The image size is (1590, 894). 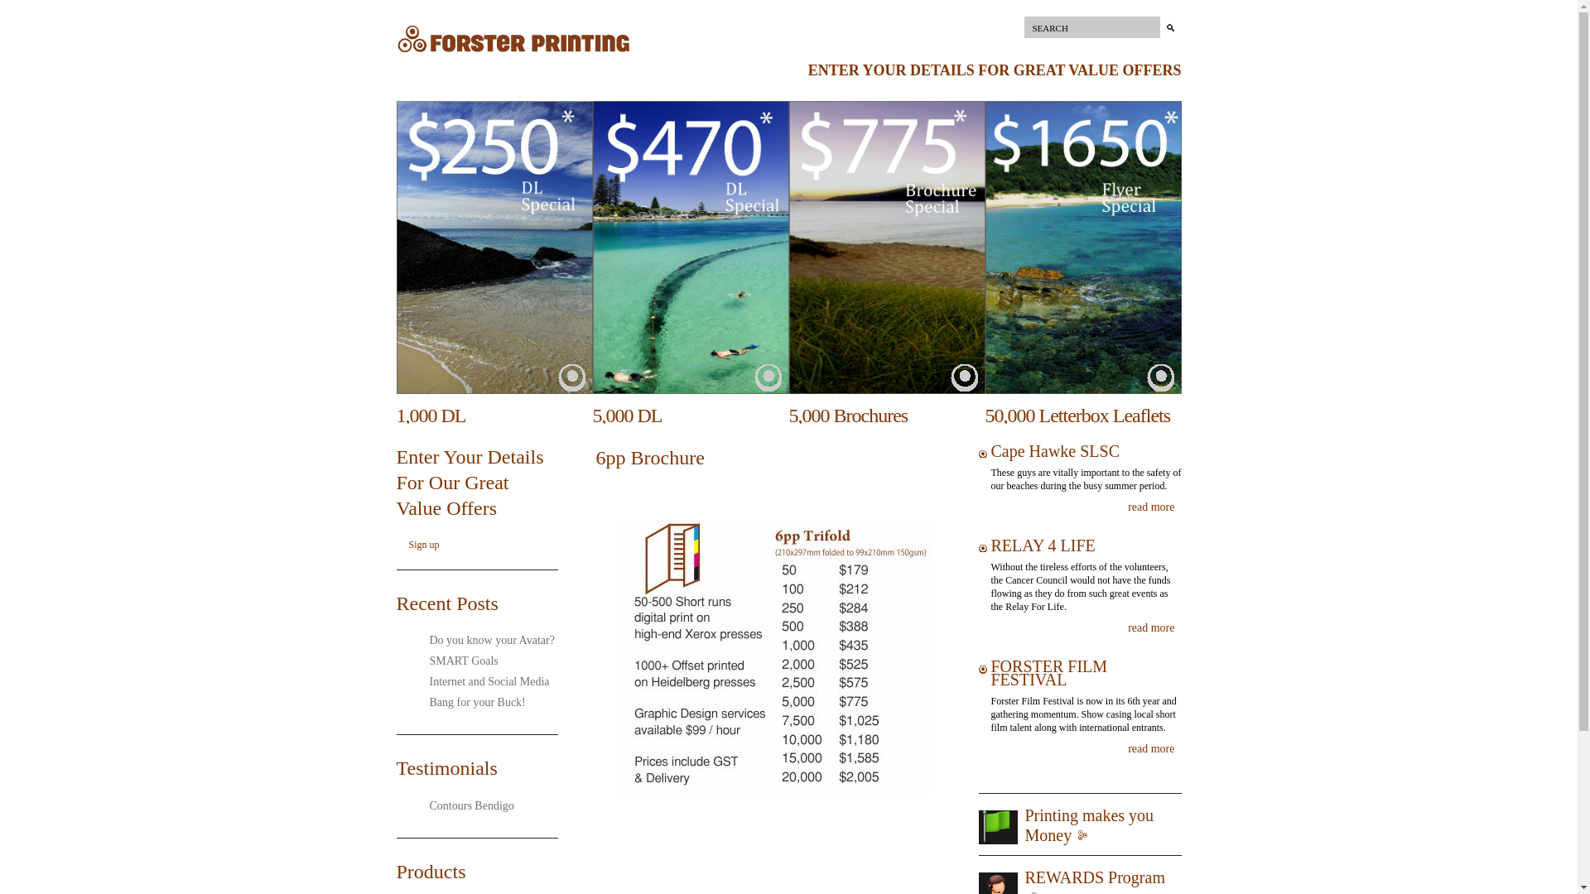 I want to click on 'search', so click(x=1168, y=27).